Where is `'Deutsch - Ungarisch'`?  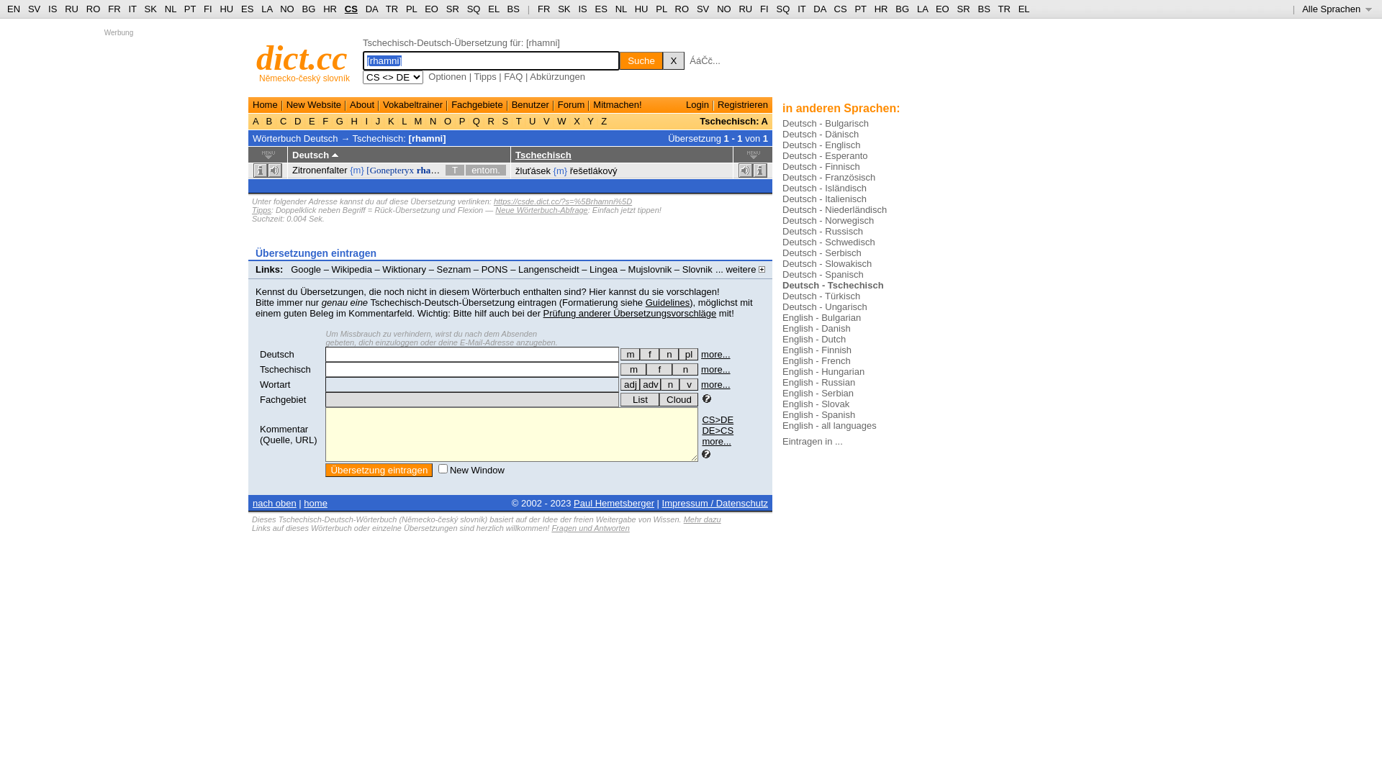 'Deutsch - Ungarisch' is located at coordinates (781, 306).